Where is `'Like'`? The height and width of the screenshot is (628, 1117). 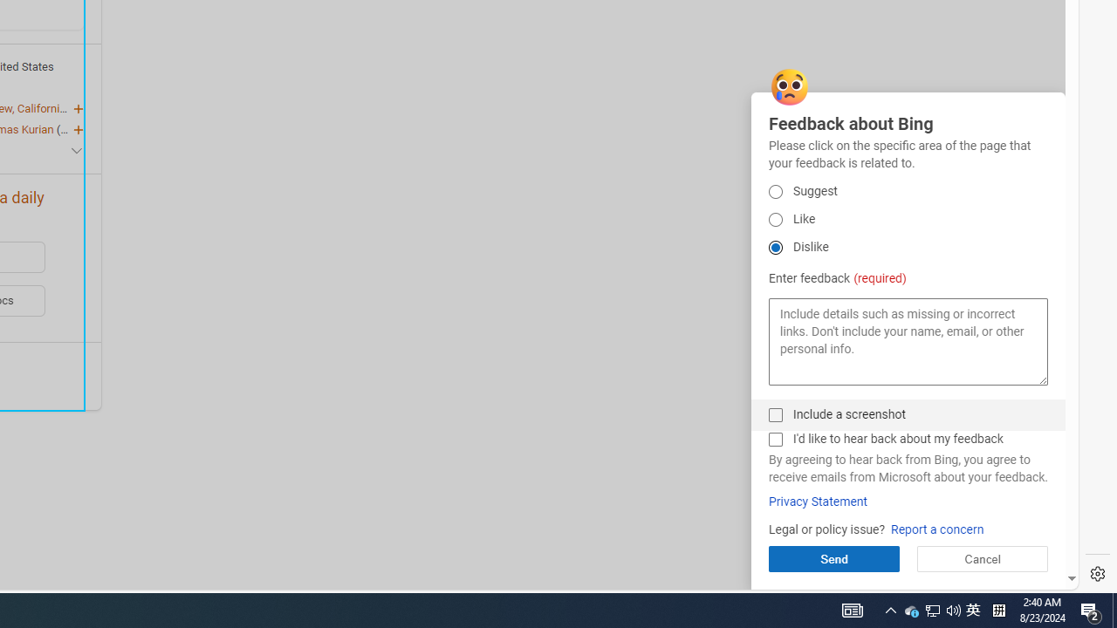
'Like' is located at coordinates (774, 218).